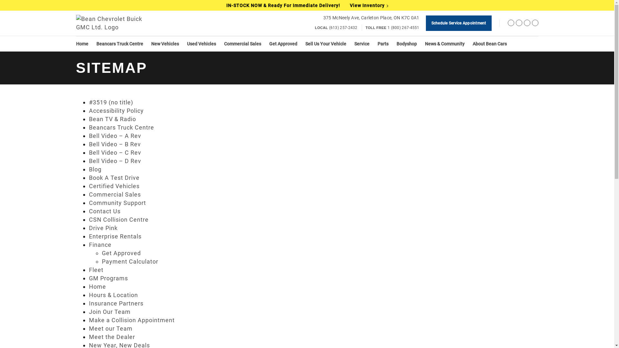 The image size is (619, 348). What do you see at coordinates (105, 211) in the screenshot?
I see `'Contact Us'` at bounding box center [105, 211].